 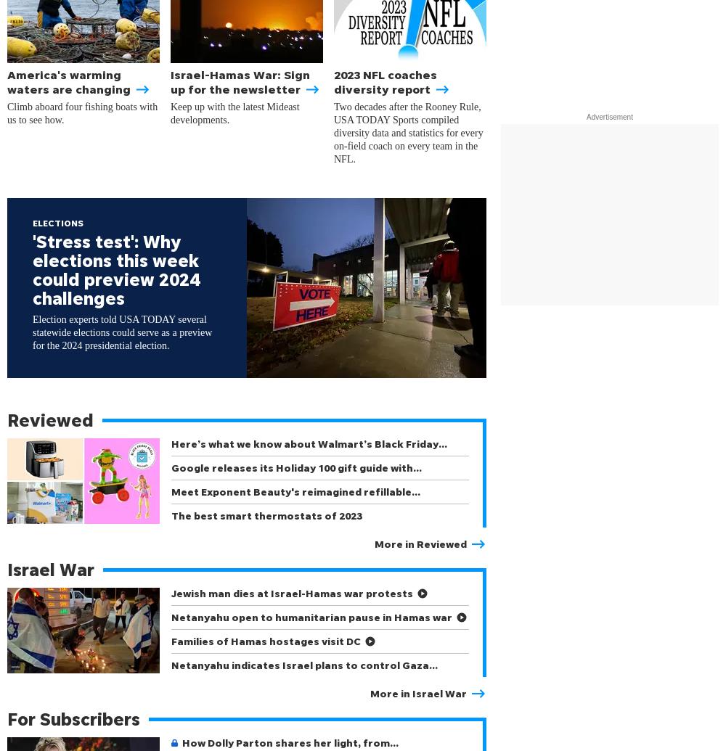 What do you see at coordinates (392, 82) in the screenshot?
I see `'2023 NFL coaches diversity report'` at bounding box center [392, 82].